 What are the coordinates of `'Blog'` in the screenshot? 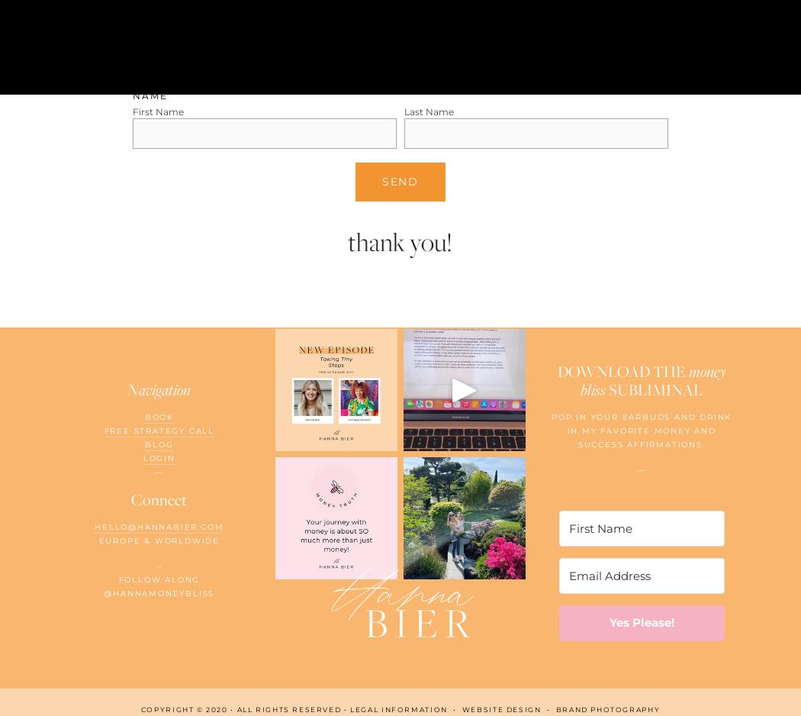 It's located at (158, 443).